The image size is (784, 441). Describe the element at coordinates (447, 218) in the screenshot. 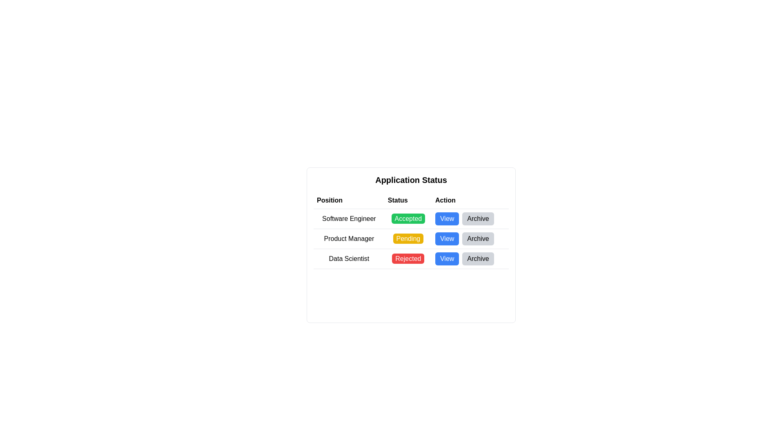

I see `the button located in the 'Action' column at the top row, which triggers additional details for the 'Software Engineer' position` at that location.